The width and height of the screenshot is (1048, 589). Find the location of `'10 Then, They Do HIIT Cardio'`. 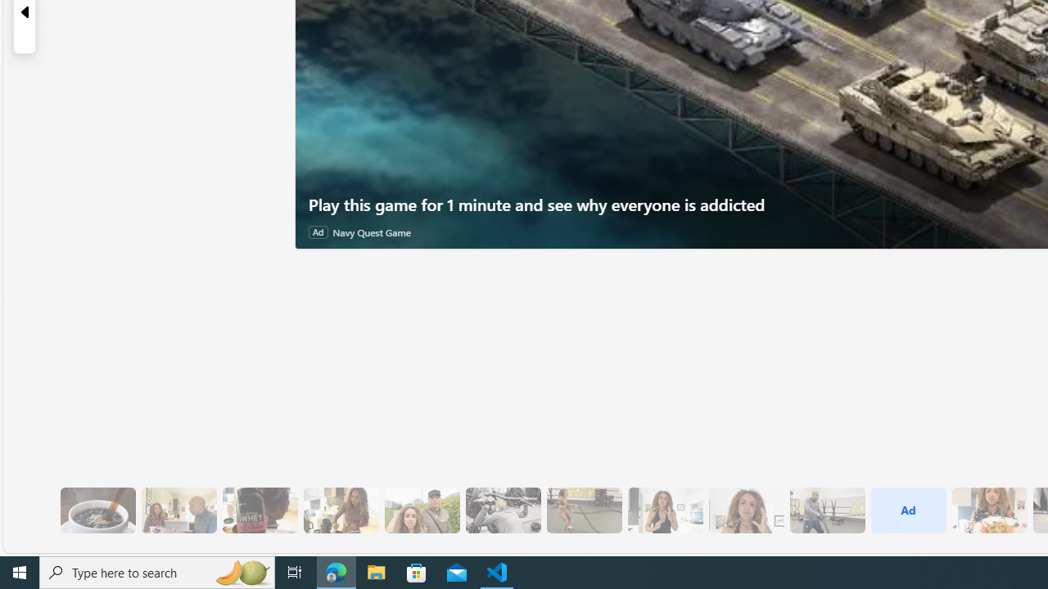

'10 Then, They Do HIIT Cardio' is located at coordinates (584, 510).